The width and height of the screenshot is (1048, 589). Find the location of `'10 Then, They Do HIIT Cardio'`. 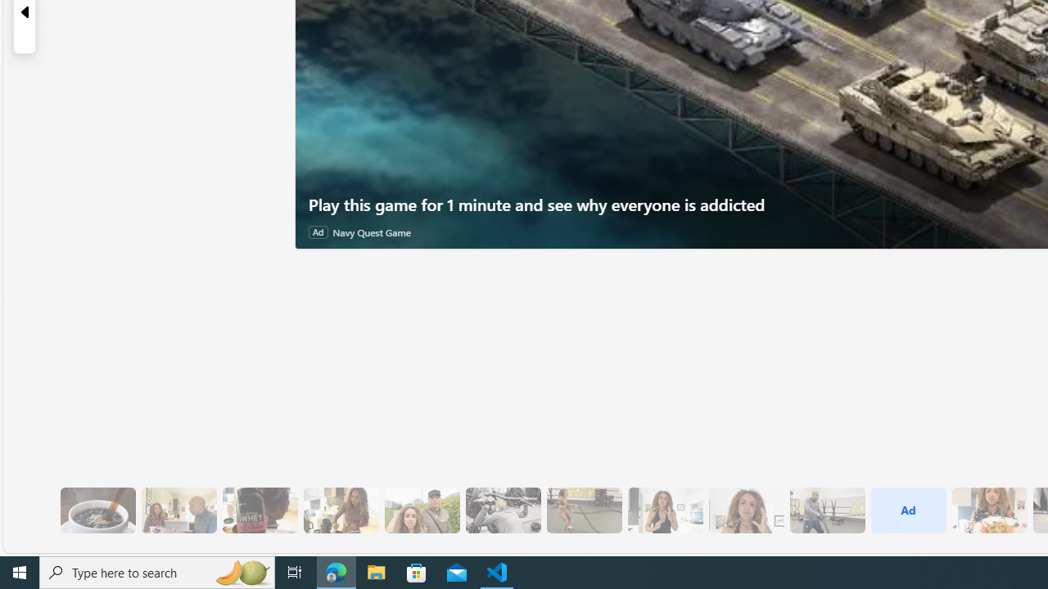

'10 Then, They Do HIIT Cardio' is located at coordinates (584, 510).